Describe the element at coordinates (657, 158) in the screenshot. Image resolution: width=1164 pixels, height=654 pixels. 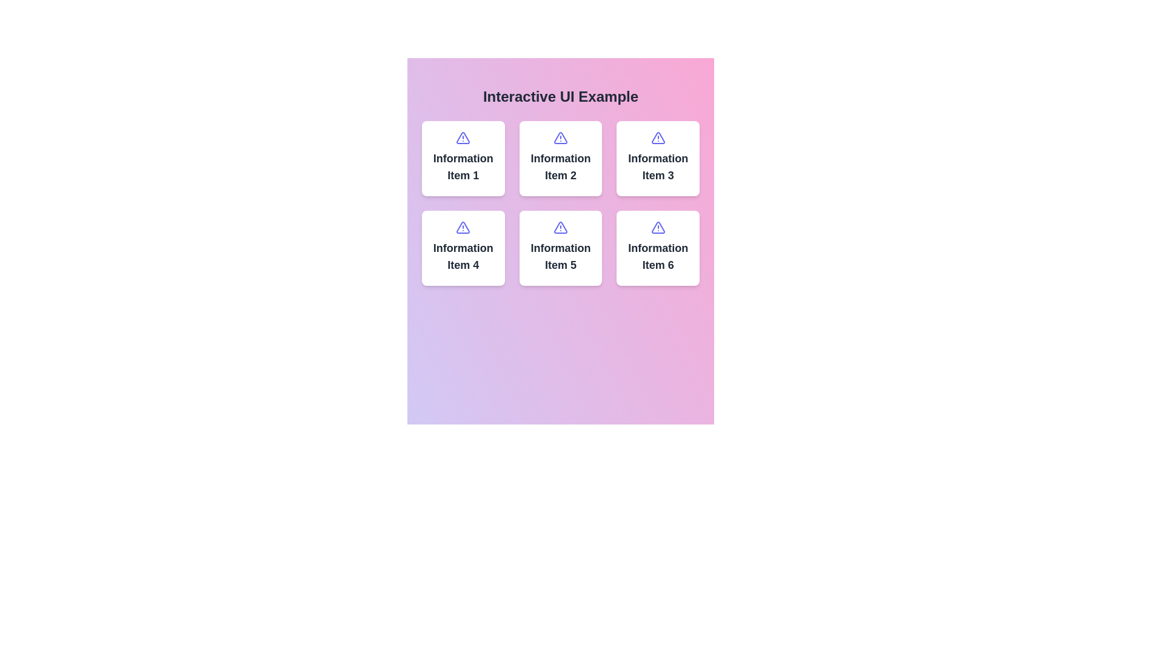
I see `the information card located in the first row, third column of the grid layout` at that location.